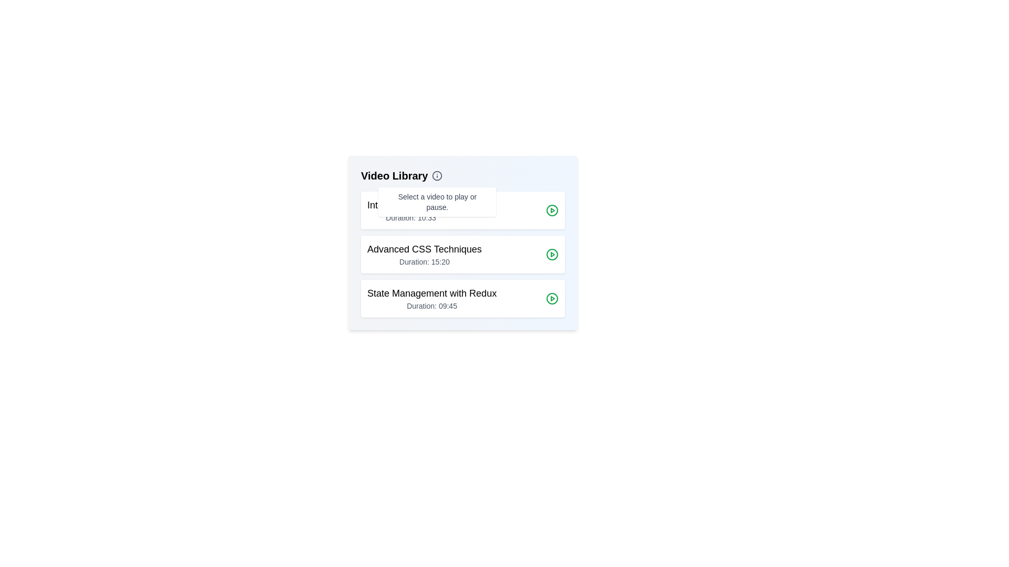 Image resolution: width=1009 pixels, height=567 pixels. What do you see at coordinates (462, 255) in the screenshot?
I see `duration or title of the second video entry card in the 'Video Library' section, positioned between 'Introduction to React' and 'State Management with Redux'` at bounding box center [462, 255].